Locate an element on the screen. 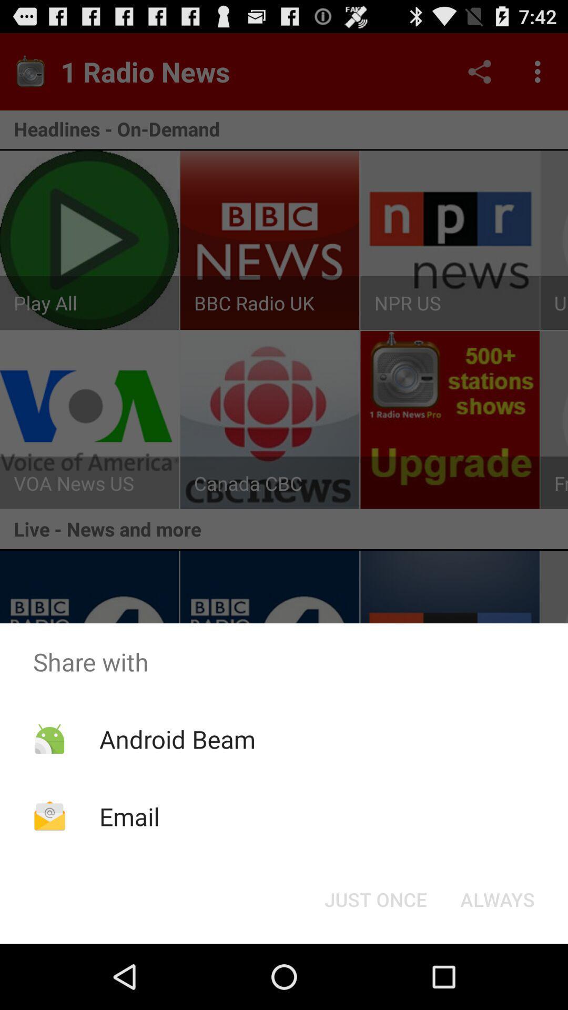 Image resolution: width=568 pixels, height=1010 pixels. icon at the bottom right corner is located at coordinates (497, 898).